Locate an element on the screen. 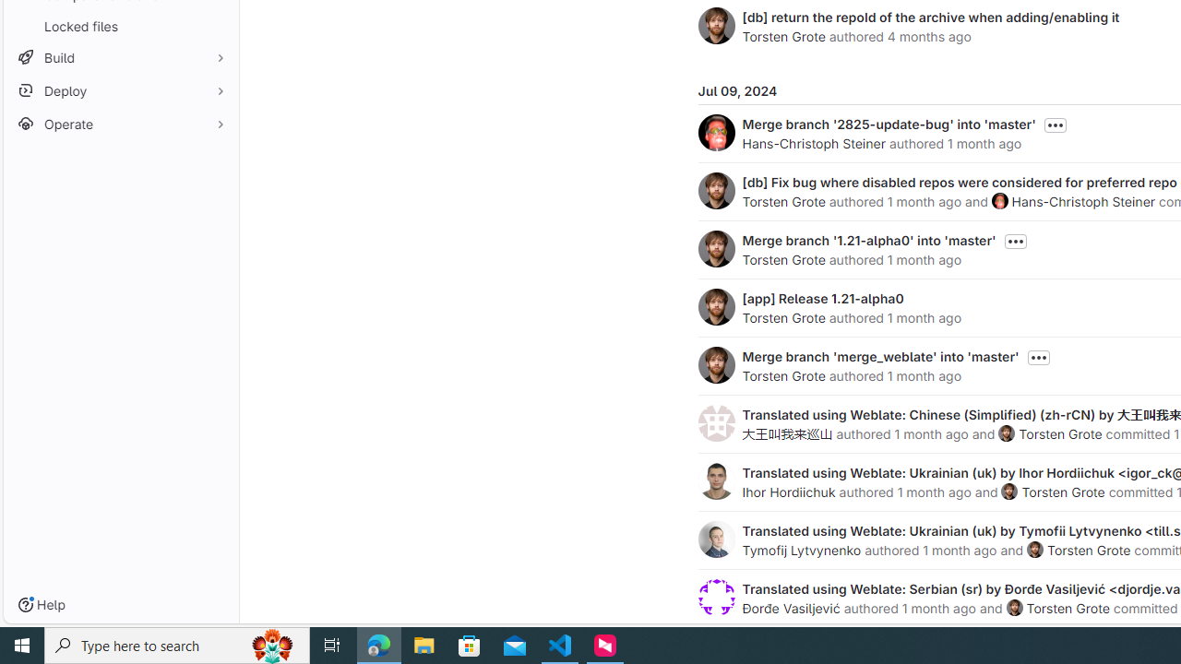 This screenshot has width=1181, height=664. 'Tymofij Lytvynenko' is located at coordinates (715, 539).